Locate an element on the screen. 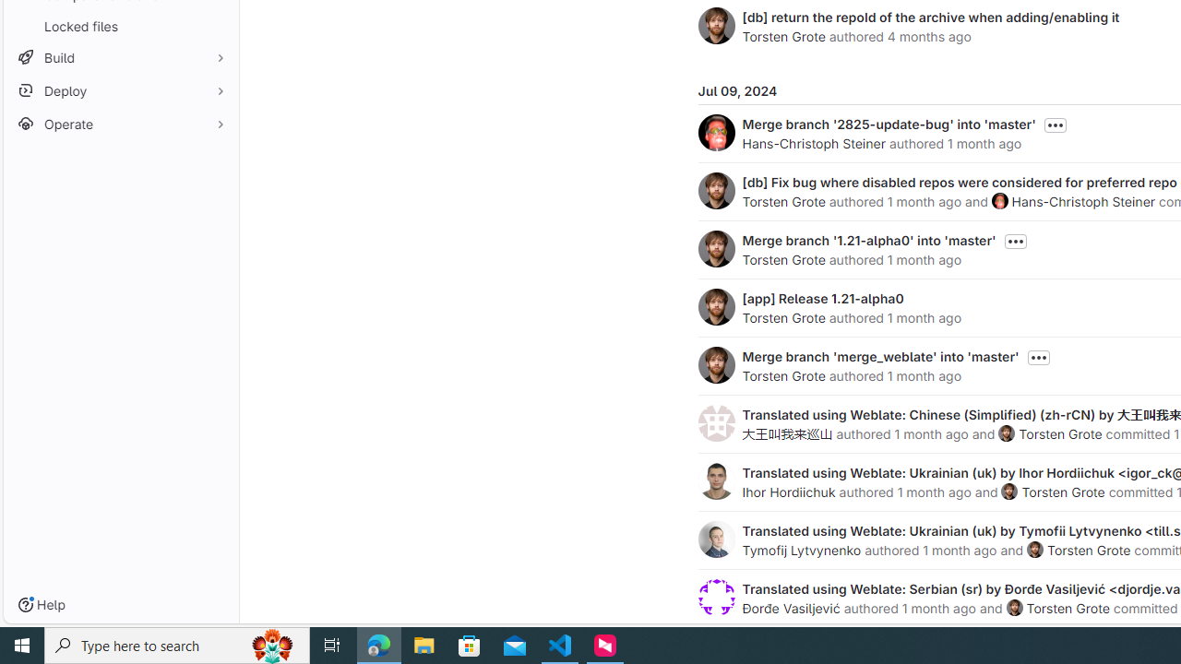 This screenshot has width=1181, height=664. 'Tymofij Lytvynenko' is located at coordinates (715, 539).